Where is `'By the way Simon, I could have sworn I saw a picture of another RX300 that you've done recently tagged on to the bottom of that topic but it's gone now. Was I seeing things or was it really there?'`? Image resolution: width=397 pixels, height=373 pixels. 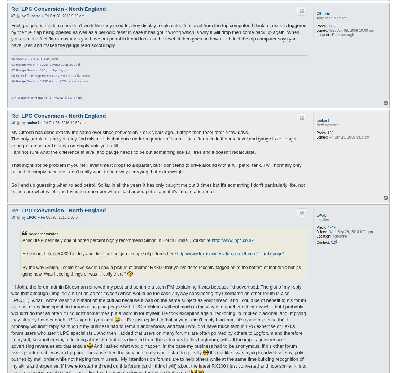
'By the way Simon, I could have sworn I saw a picture of another RX300 that you've done recently tagged on to the bottom of that topic but it's gone now. Was I seeing things or was it really there?' is located at coordinates (161, 270).